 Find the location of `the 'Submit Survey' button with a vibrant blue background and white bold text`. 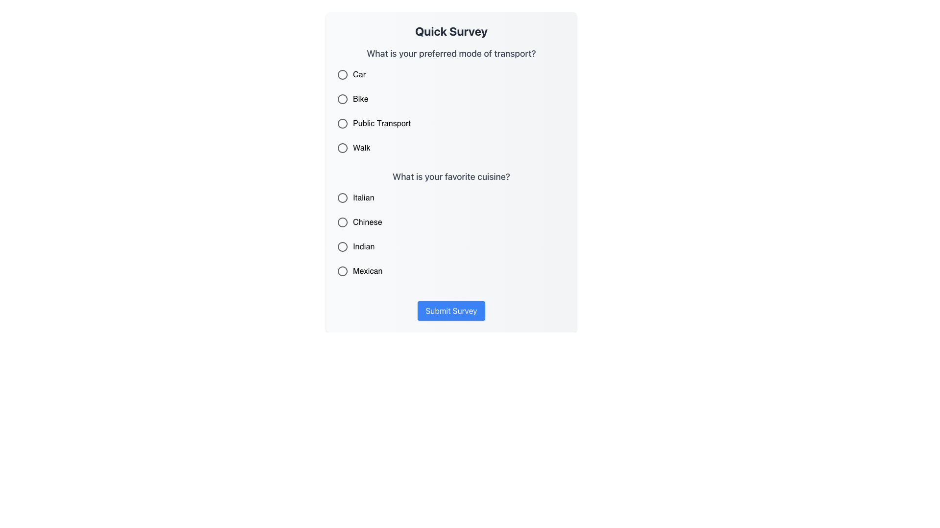

the 'Submit Survey' button with a vibrant blue background and white bold text is located at coordinates (450, 311).